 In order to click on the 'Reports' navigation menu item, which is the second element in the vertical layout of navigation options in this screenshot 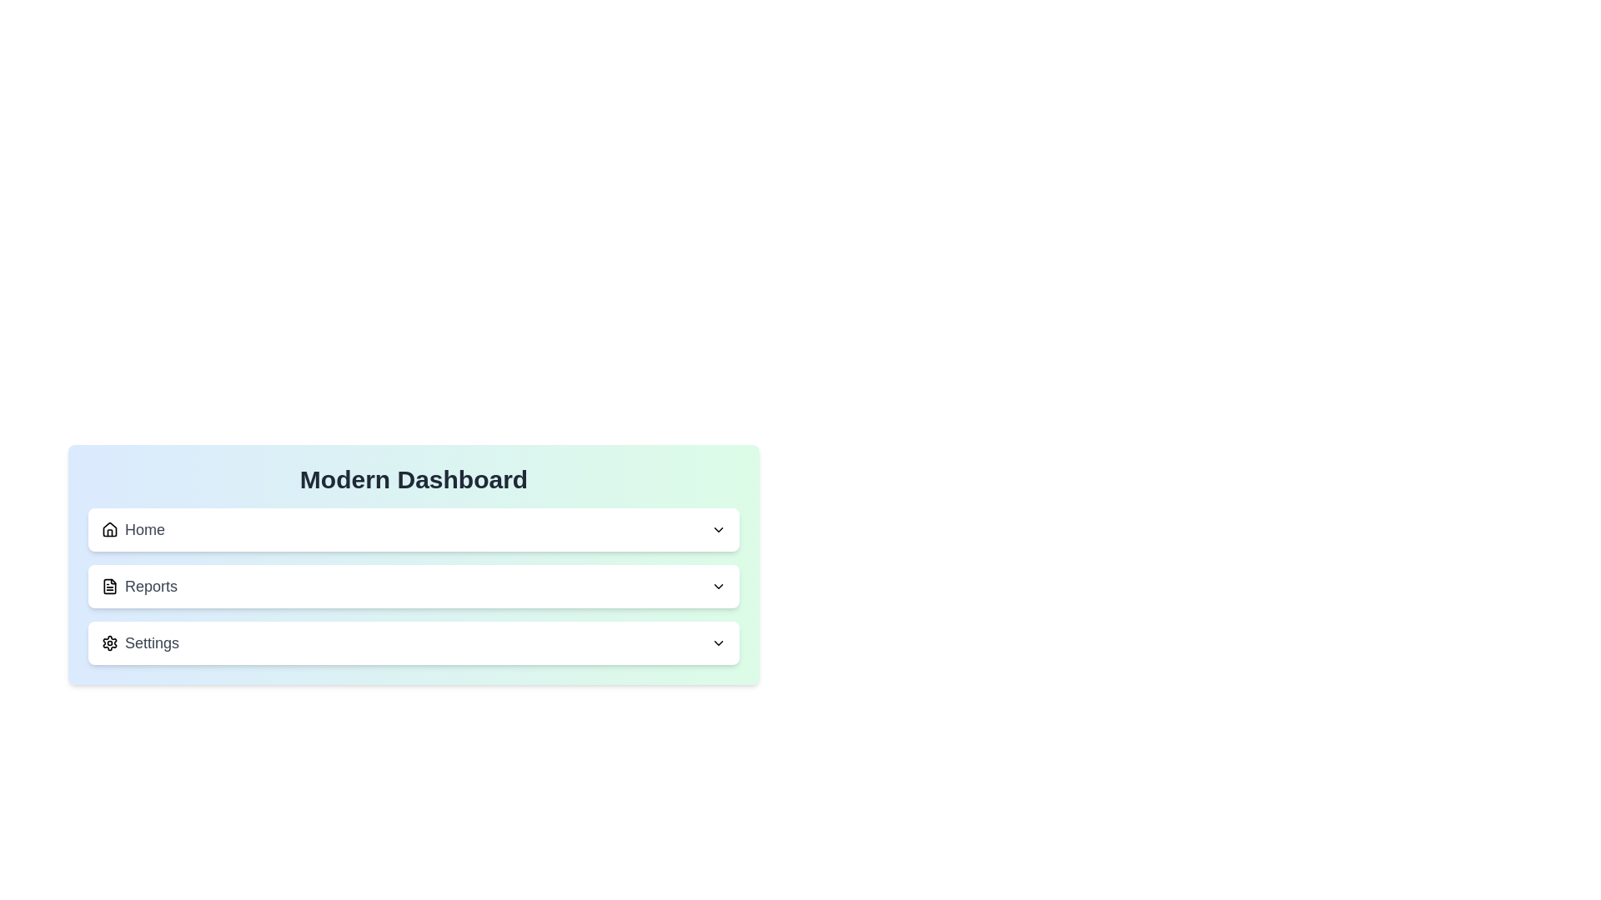, I will do `click(414, 586)`.